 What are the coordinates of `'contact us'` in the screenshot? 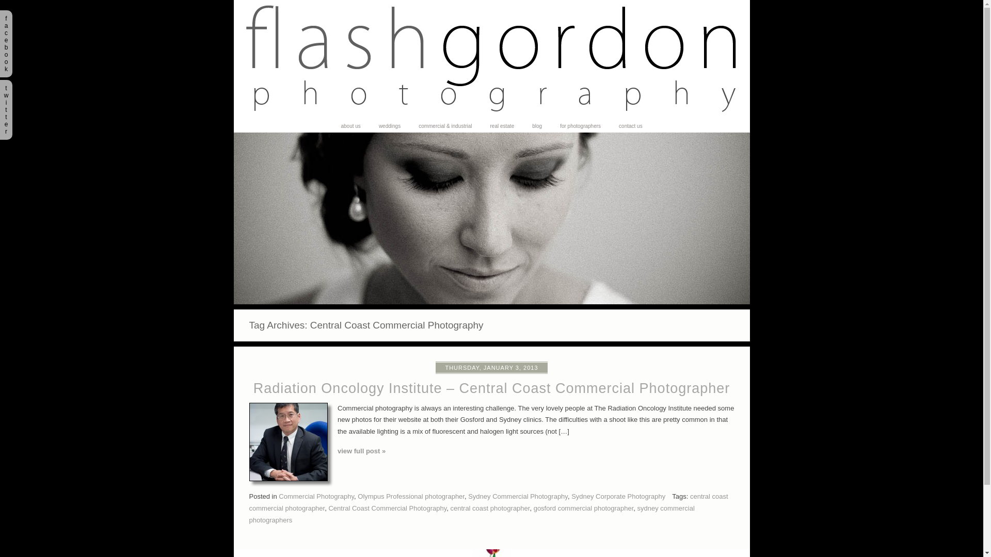 It's located at (630, 126).